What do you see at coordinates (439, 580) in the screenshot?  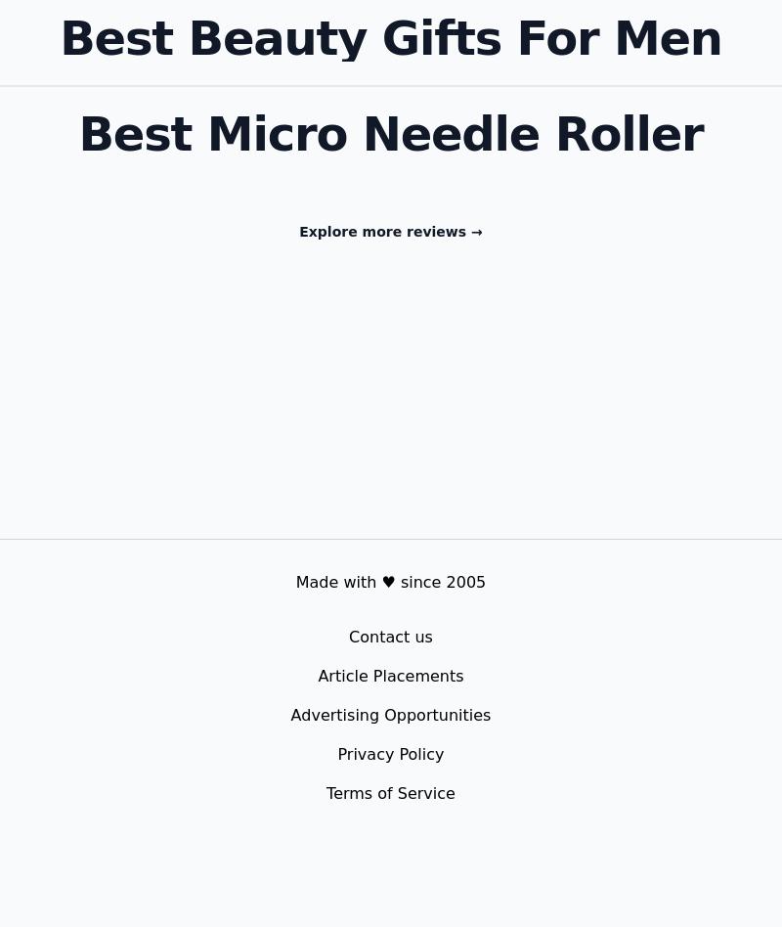 I see `'since 2005'` at bounding box center [439, 580].